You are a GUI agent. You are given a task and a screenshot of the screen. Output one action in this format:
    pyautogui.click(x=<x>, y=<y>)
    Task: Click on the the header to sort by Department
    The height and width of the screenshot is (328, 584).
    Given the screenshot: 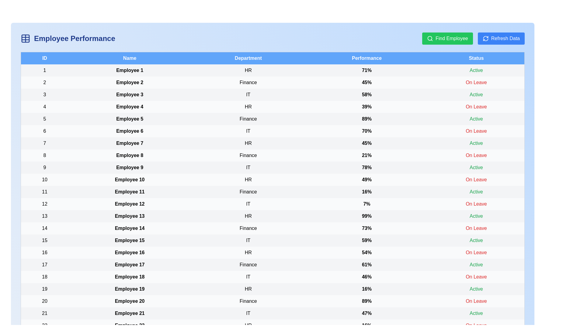 What is the action you would take?
    pyautogui.click(x=248, y=58)
    